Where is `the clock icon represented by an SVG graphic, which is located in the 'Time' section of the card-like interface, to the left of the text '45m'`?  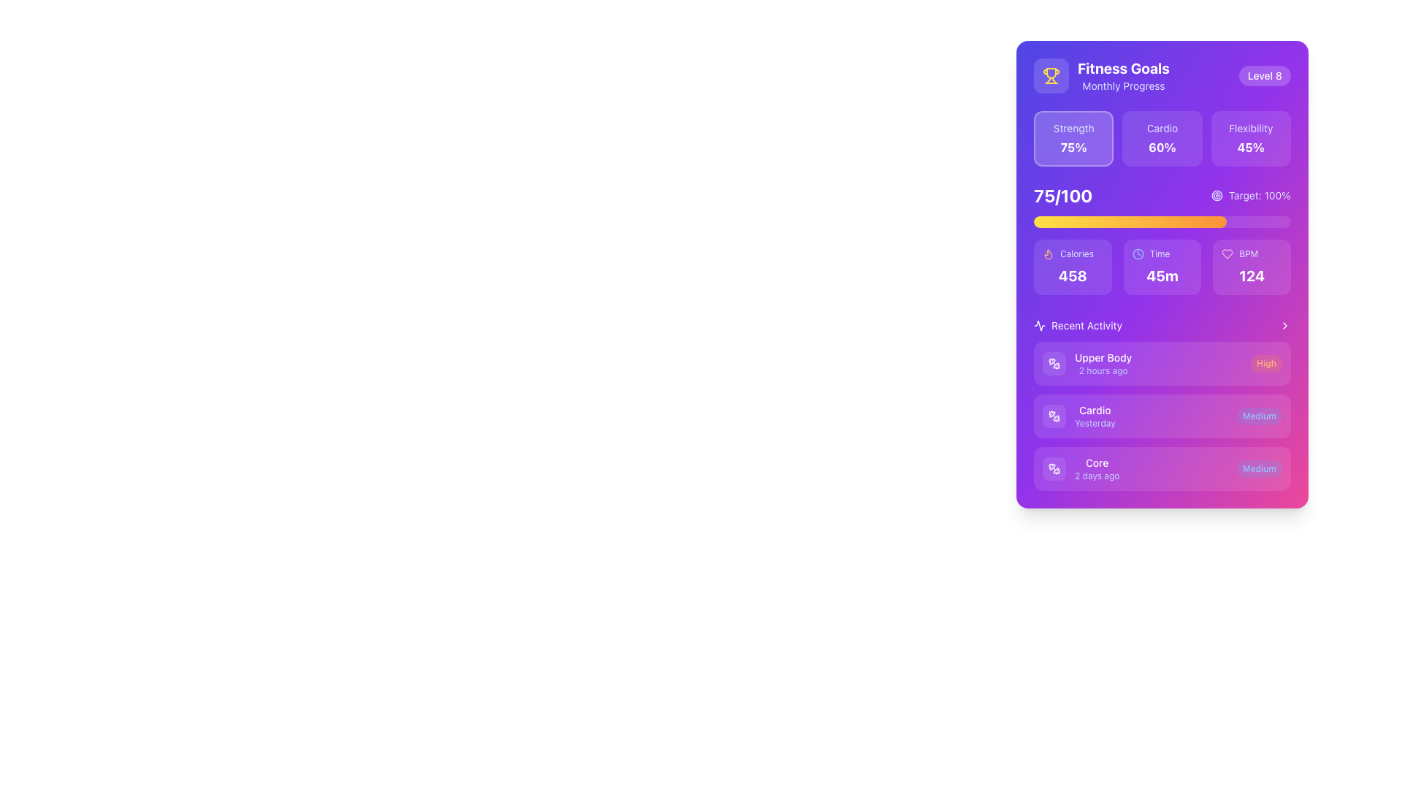
the clock icon represented by an SVG graphic, which is located in the 'Time' section of the card-like interface, to the left of the text '45m' is located at coordinates (1137, 253).